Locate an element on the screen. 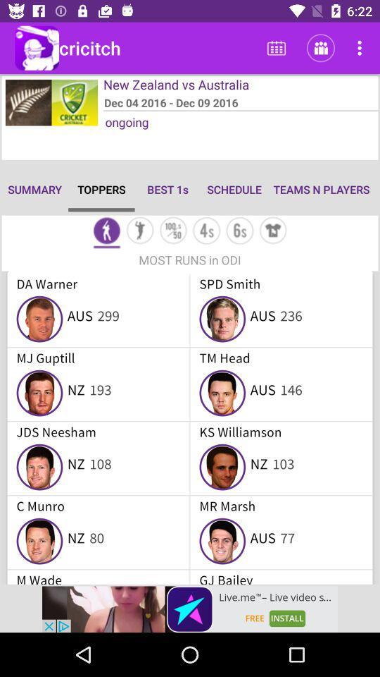 The width and height of the screenshot is (380, 677). open advertisement is located at coordinates (190, 609).